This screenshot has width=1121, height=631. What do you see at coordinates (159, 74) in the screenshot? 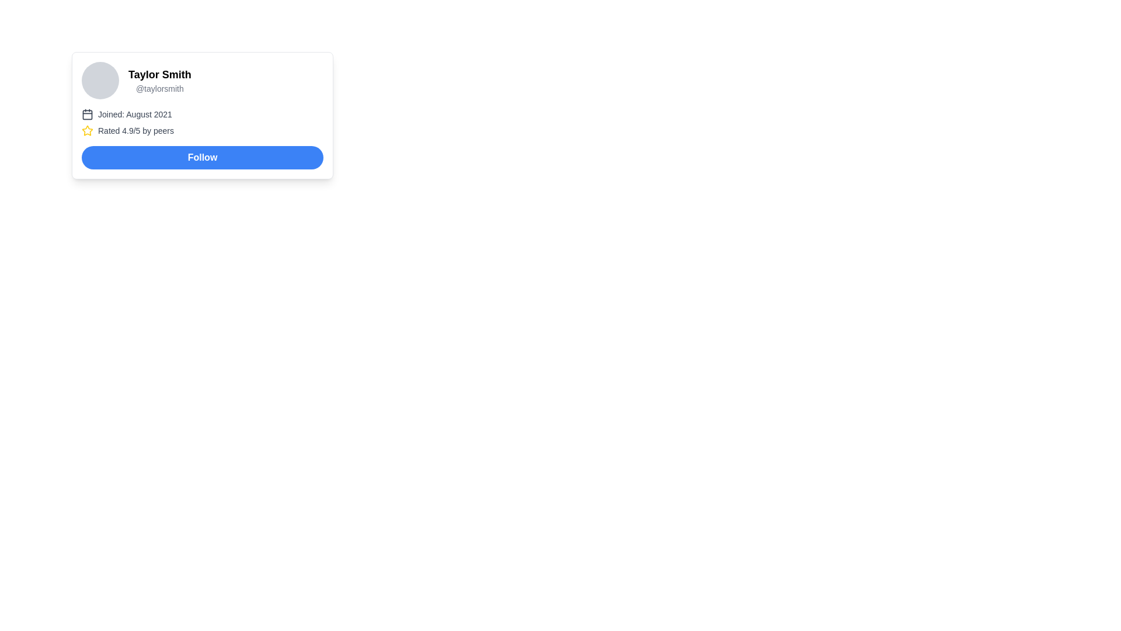
I see `the text 'Taylor Smith' which is displayed in bold and larger font at the top of the profile card, positioned right of the circular profile picture` at bounding box center [159, 74].